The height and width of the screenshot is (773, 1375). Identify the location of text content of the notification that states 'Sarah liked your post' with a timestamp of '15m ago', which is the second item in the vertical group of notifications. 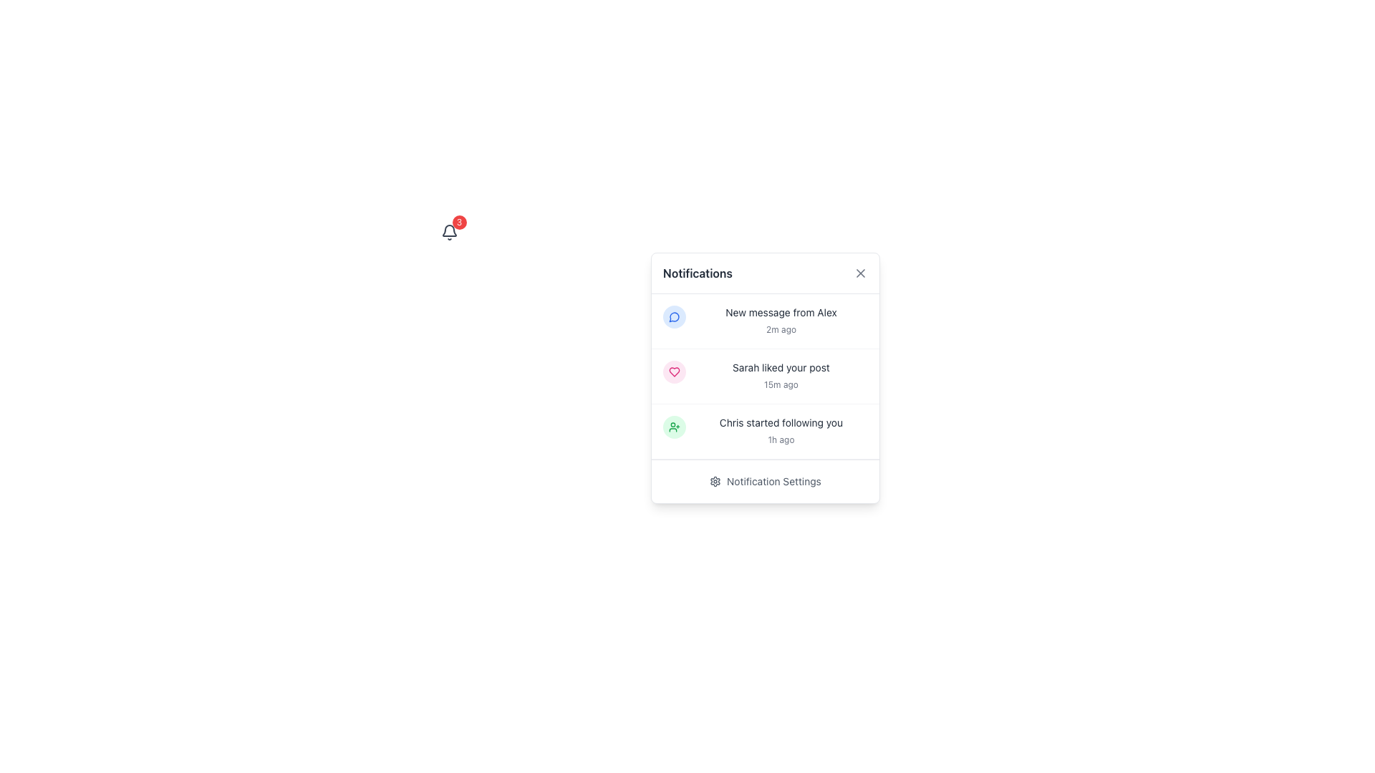
(780, 375).